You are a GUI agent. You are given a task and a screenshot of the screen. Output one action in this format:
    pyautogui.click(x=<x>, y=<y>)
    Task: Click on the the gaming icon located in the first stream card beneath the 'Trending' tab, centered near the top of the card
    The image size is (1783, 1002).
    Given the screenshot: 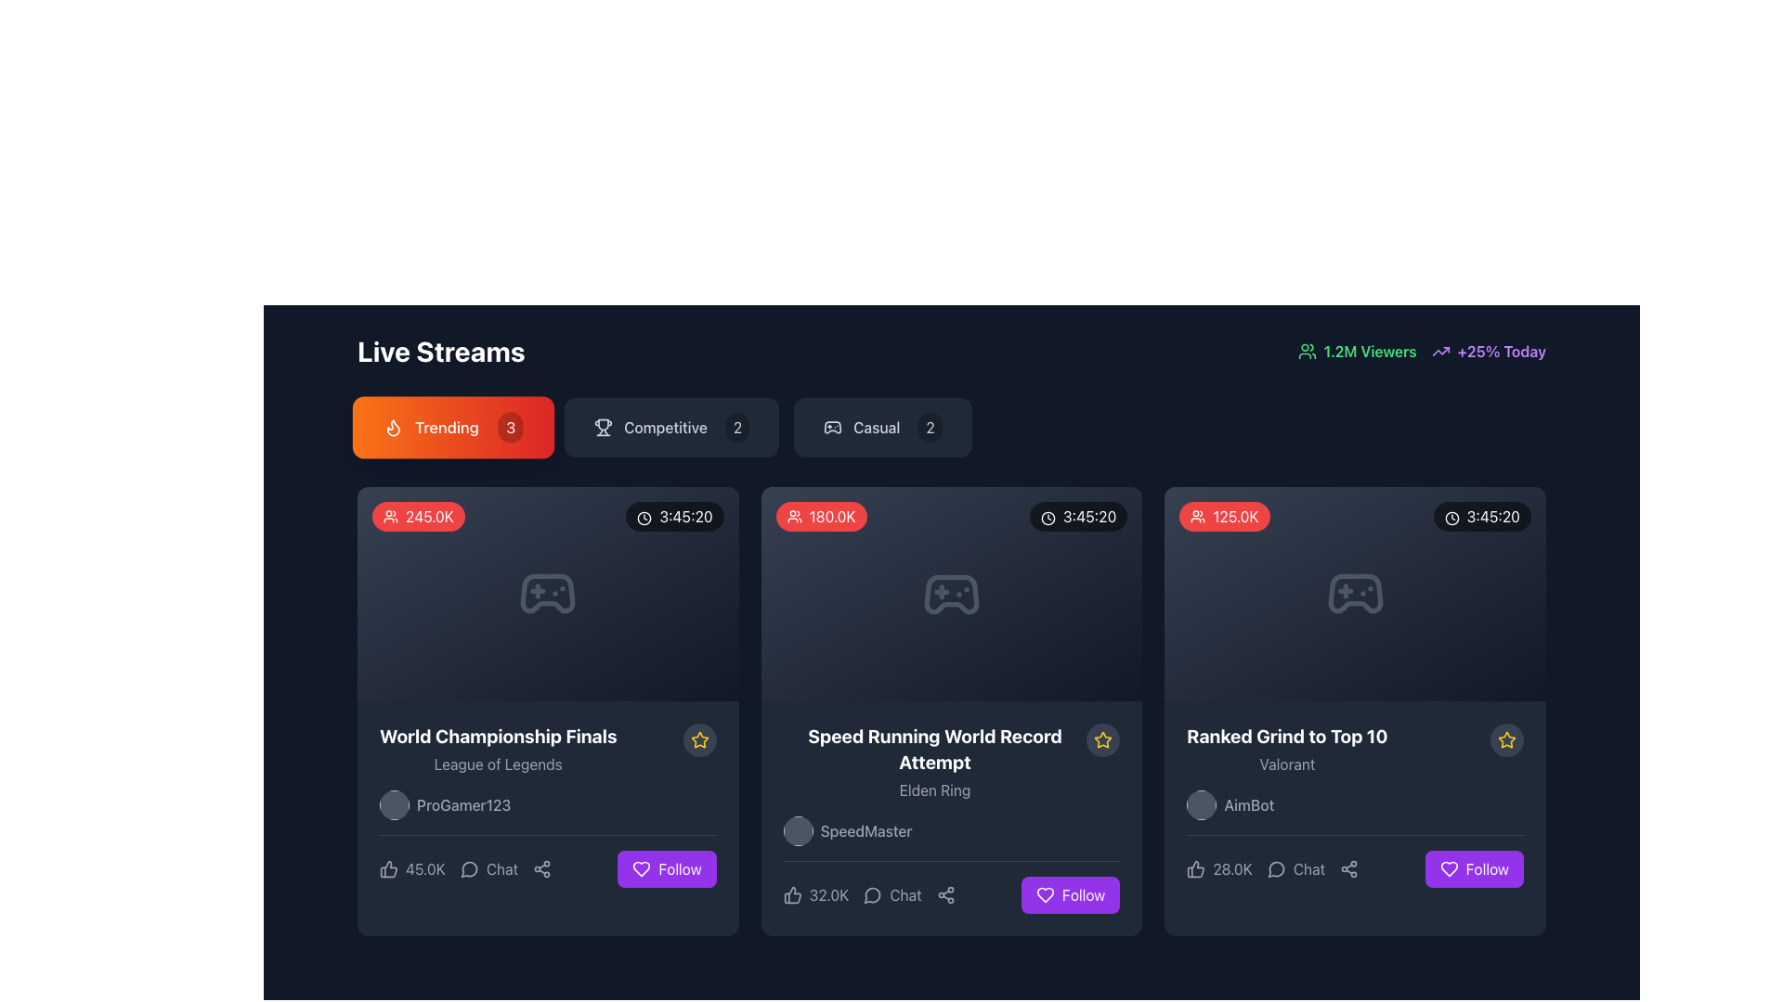 What is the action you would take?
    pyautogui.click(x=547, y=594)
    